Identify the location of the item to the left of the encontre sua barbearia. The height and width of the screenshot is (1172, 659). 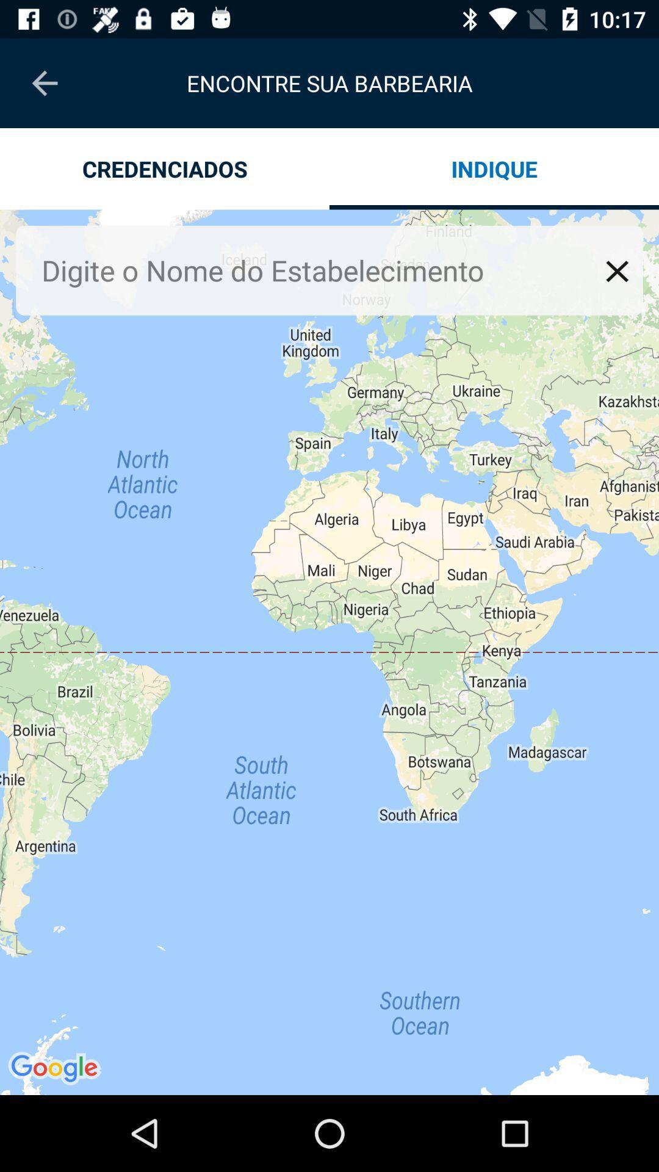
(44, 82).